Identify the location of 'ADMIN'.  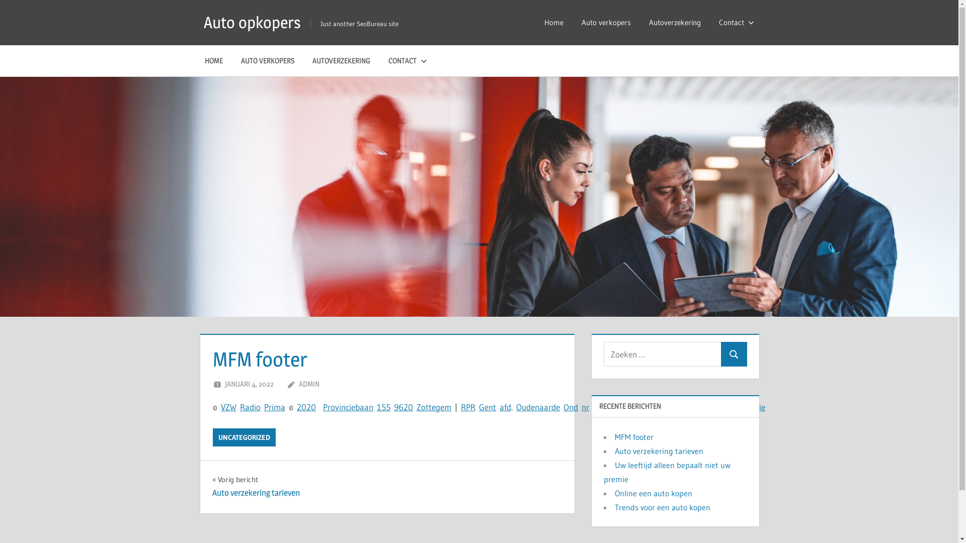
(308, 384).